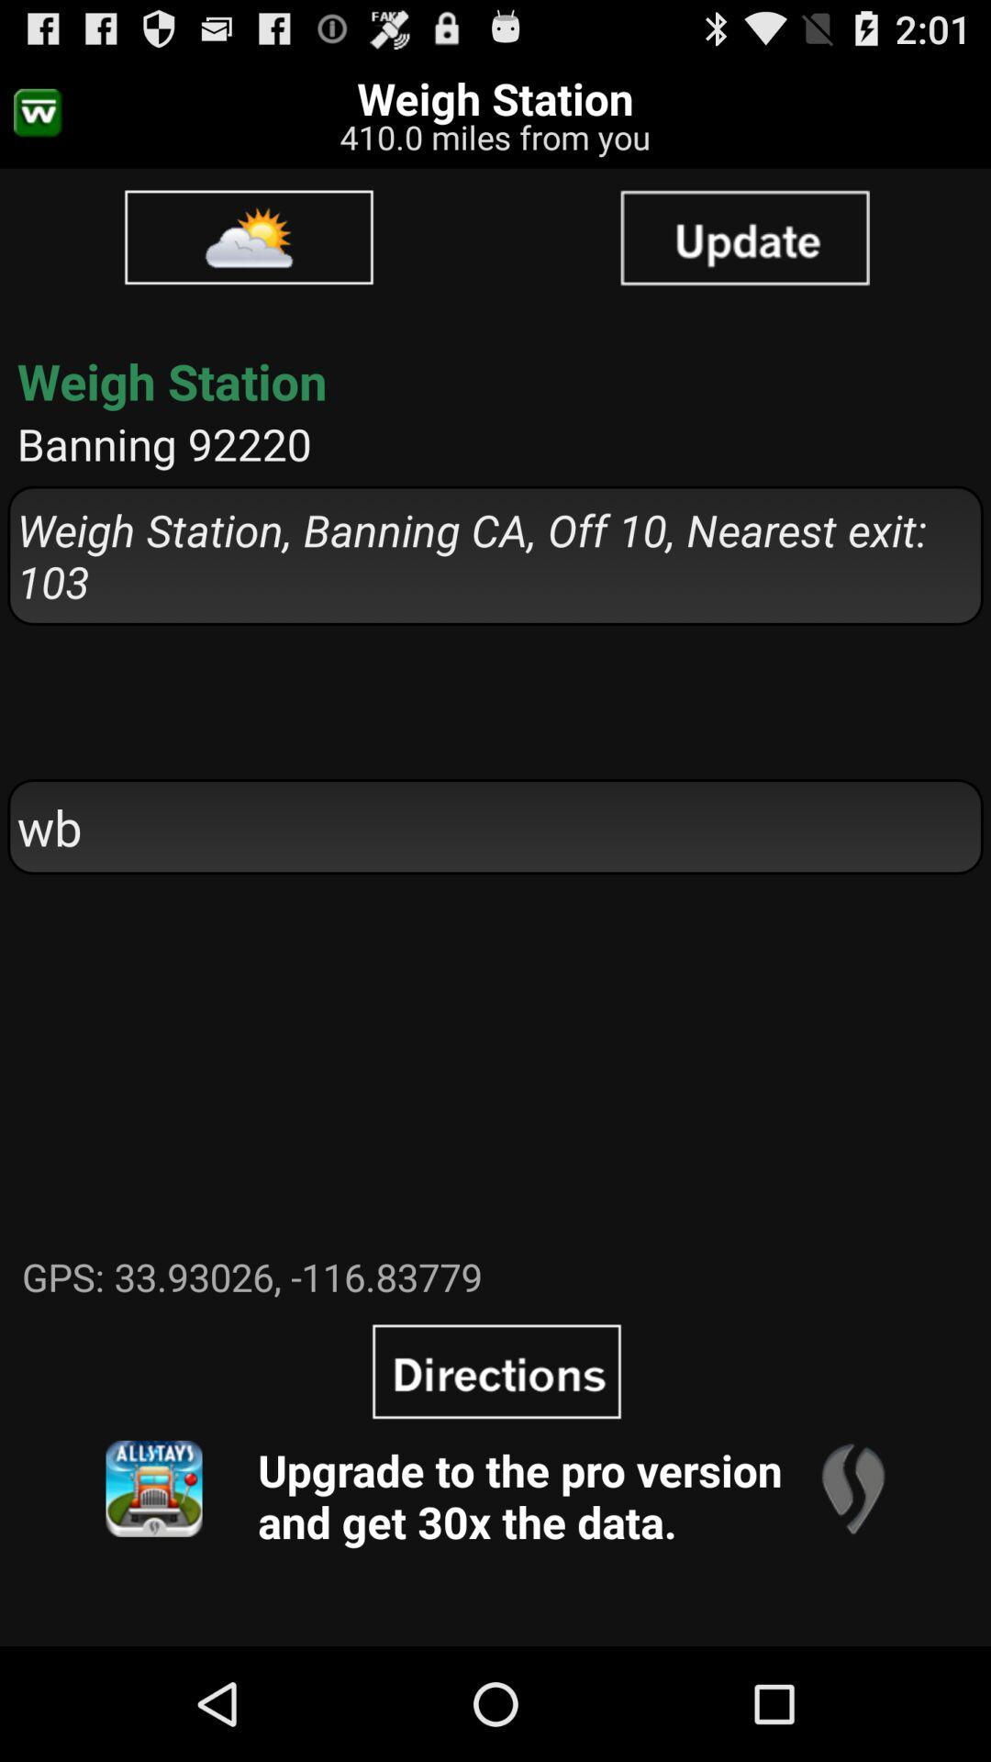  Describe the element at coordinates (249, 236) in the screenshot. I see `the item below 410 0 miles` at that location.